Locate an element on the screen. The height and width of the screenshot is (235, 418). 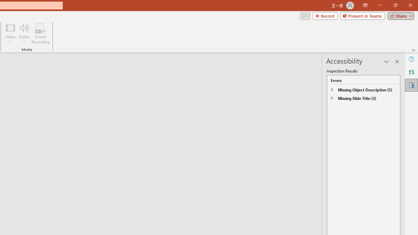
'Ribbon Display Options' is located at coordinates (365, 5).